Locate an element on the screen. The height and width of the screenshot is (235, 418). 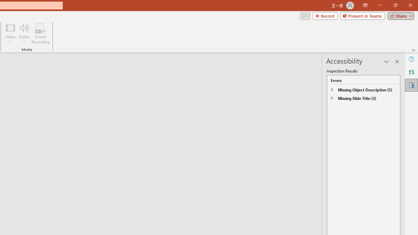
'Ribbon Display Options' is located at coordinates (365, 5).